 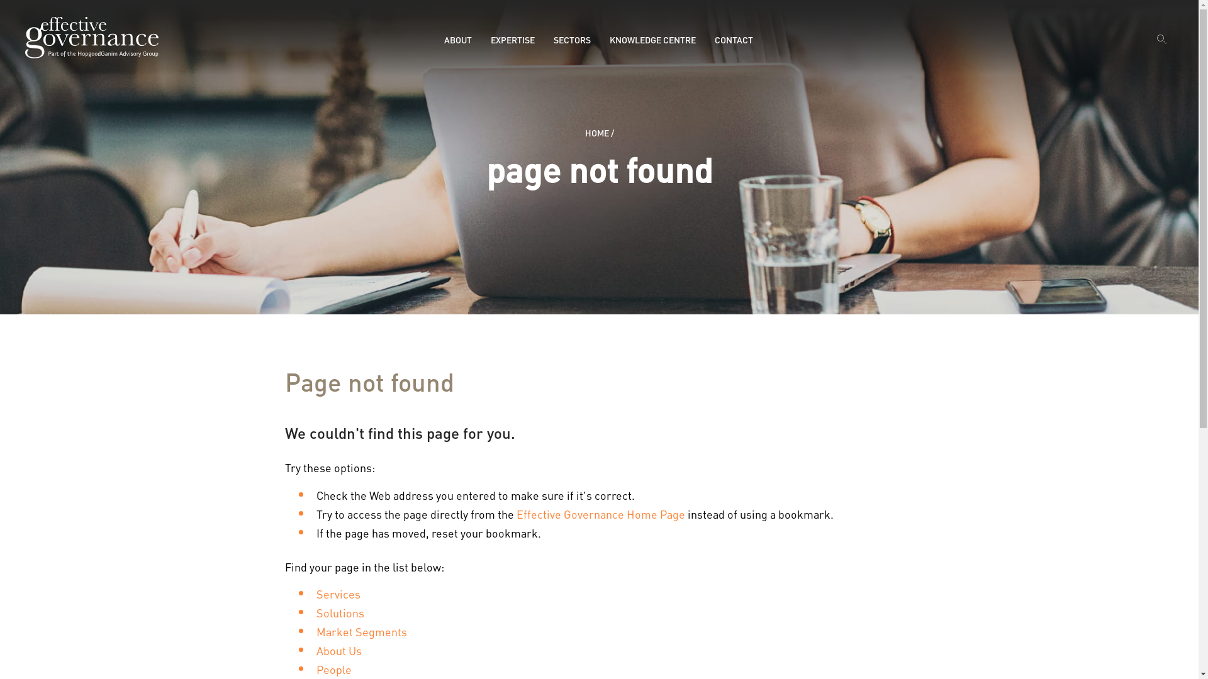 I want to click on 'Effective Governance Home Page', so click(x=516, y=514).